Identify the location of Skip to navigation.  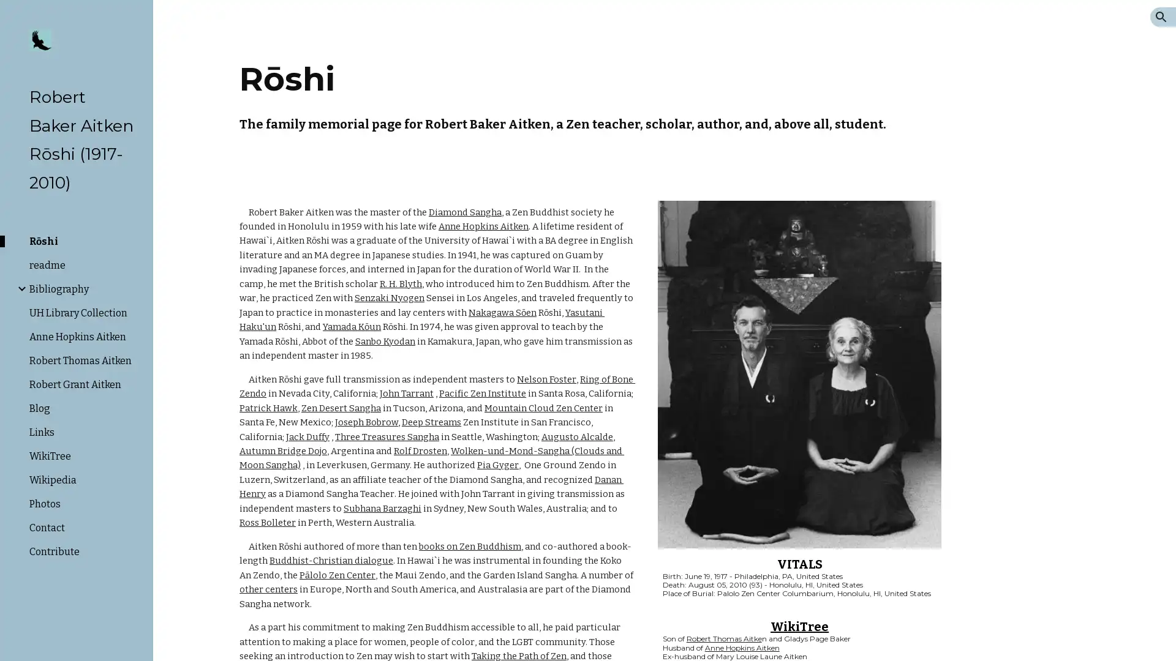
(698, 23).